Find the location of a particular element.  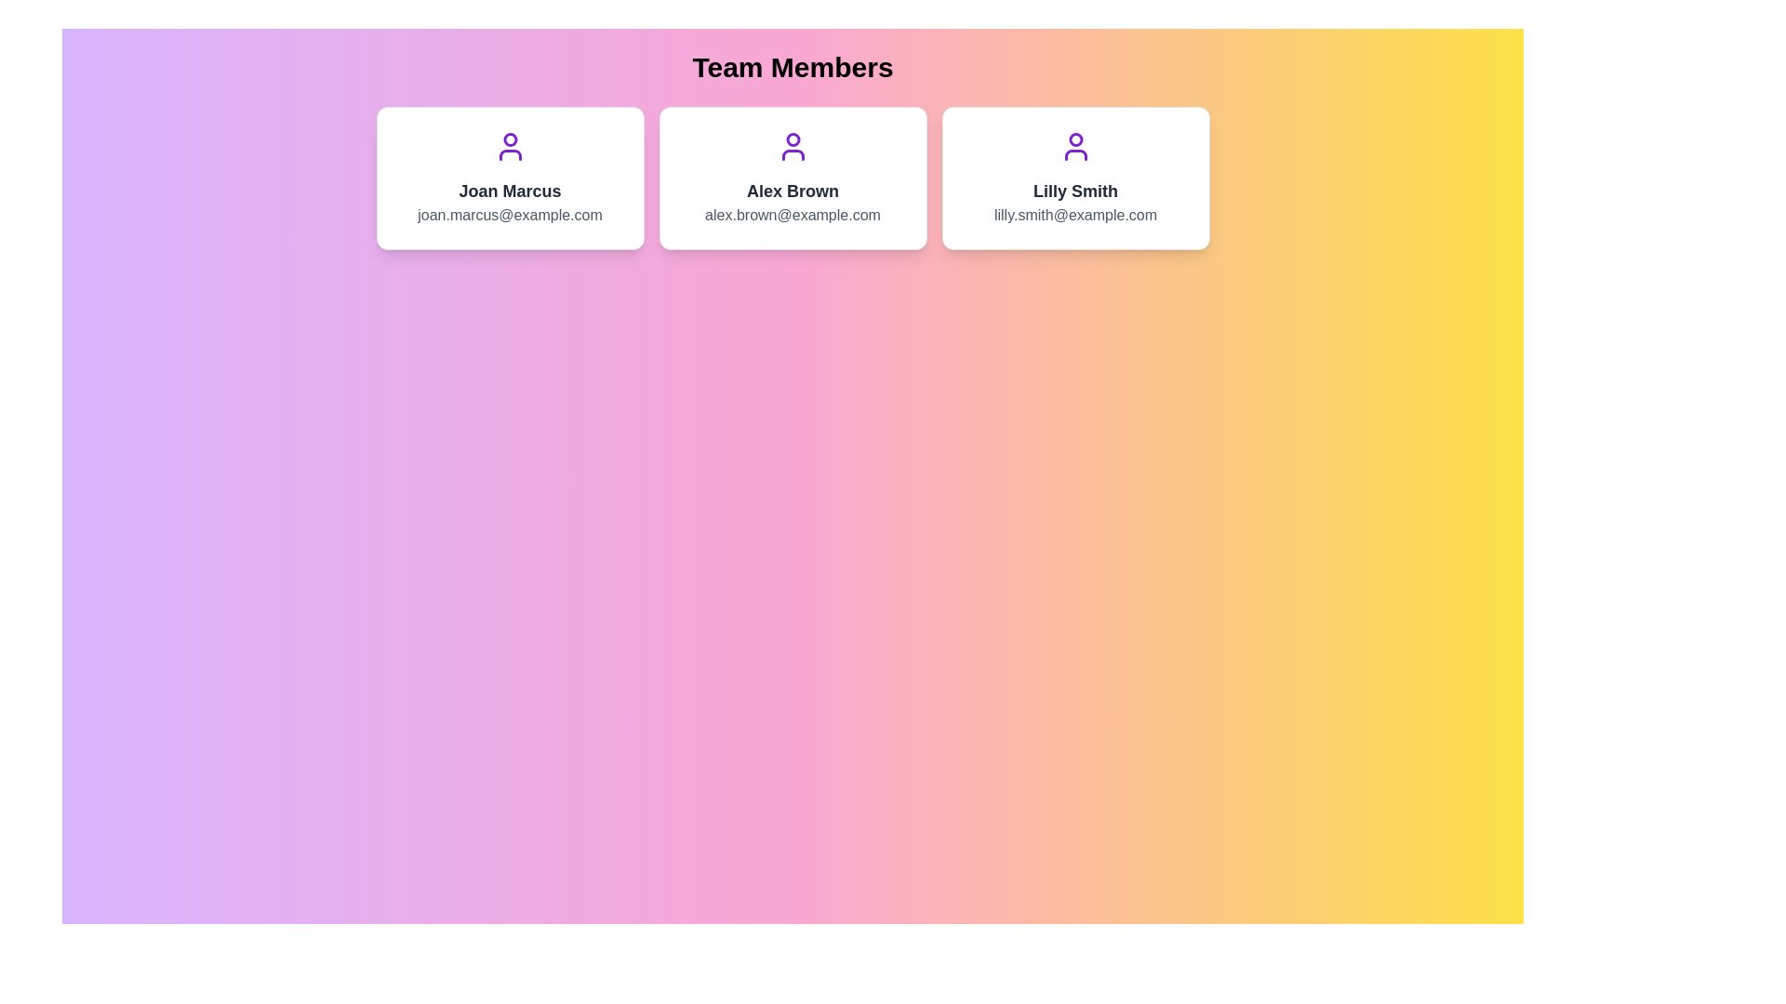

directly on the circular avatar icon of the user silhouette for the team member profile of 'Alex Brown' is located at coordinates (793, 139).